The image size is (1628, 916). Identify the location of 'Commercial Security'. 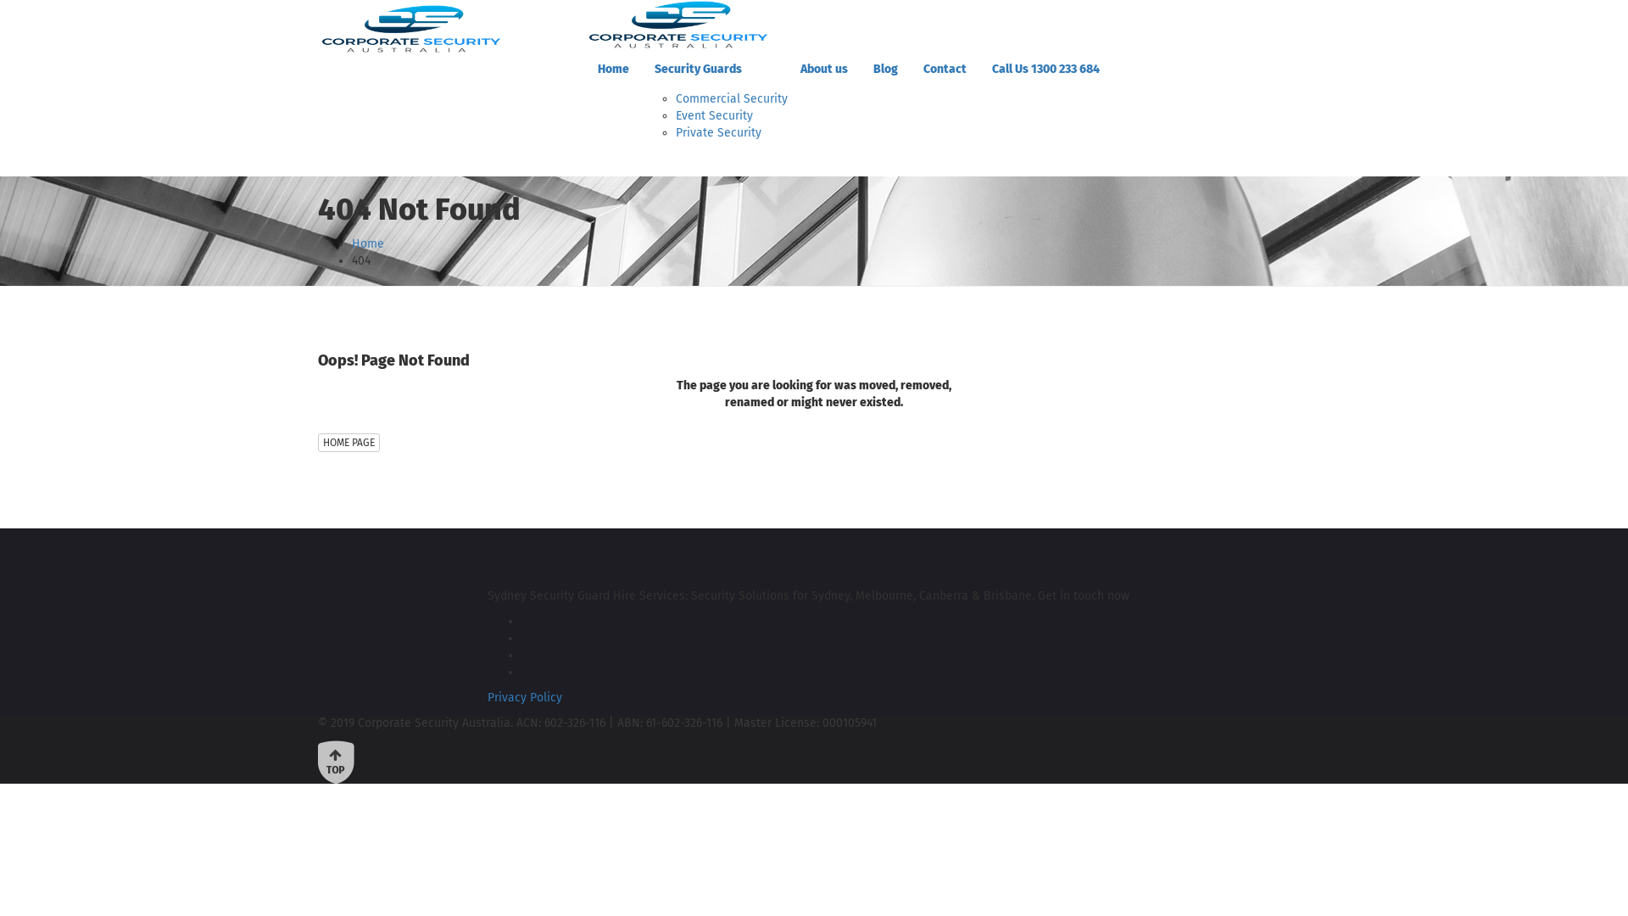
(732, 98).